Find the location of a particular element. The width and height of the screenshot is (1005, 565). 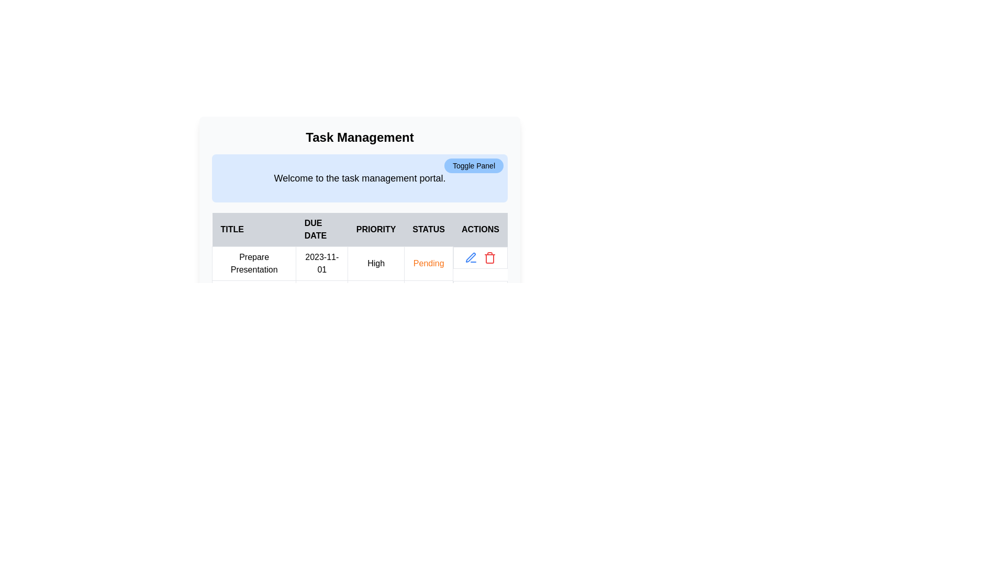

the non-interactive status label indicating 'Pending' in the 'STATUS' column, which is the fourth cell in the row for the 'Prepare Presentation' task is located at coordinates (429, 263).